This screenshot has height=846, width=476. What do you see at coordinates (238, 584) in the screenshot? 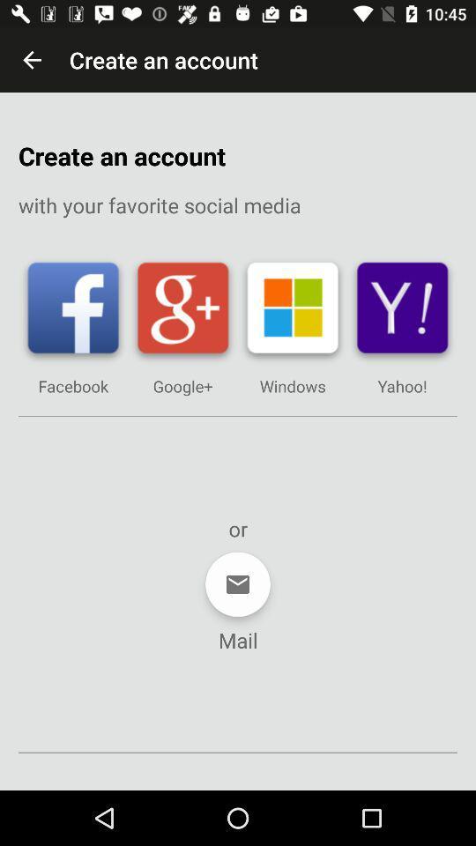
I see `mail` at bounding box center [238, 584].